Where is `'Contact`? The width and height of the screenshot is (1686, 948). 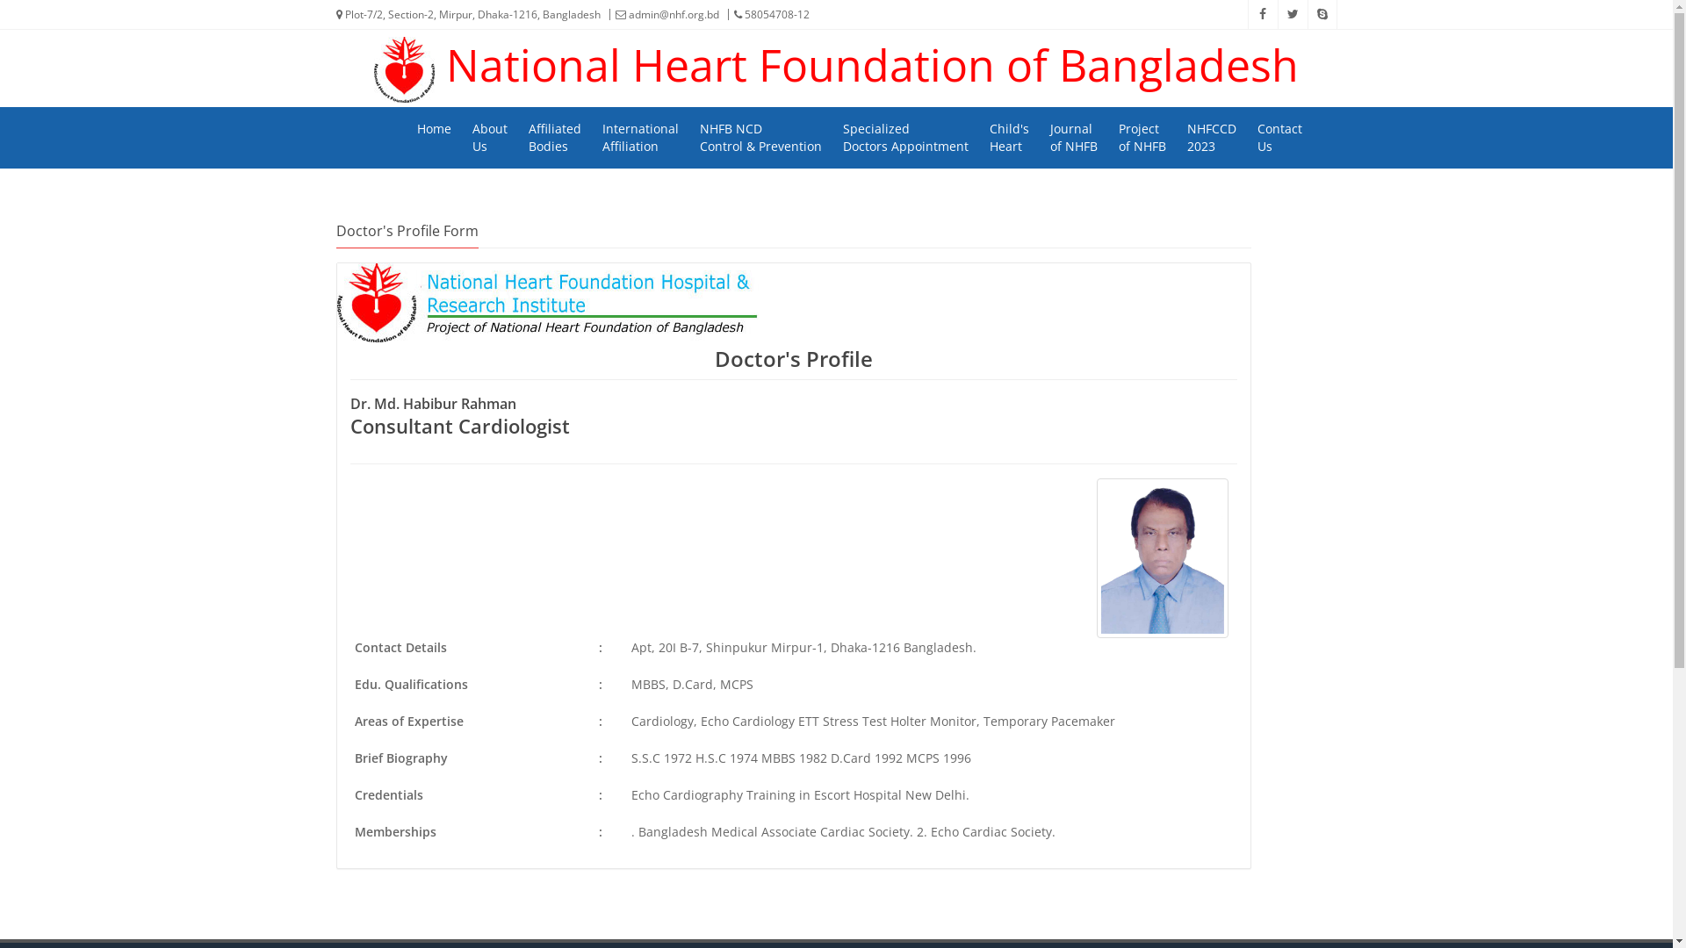 'Contact is located at coordinates (1279, 137).